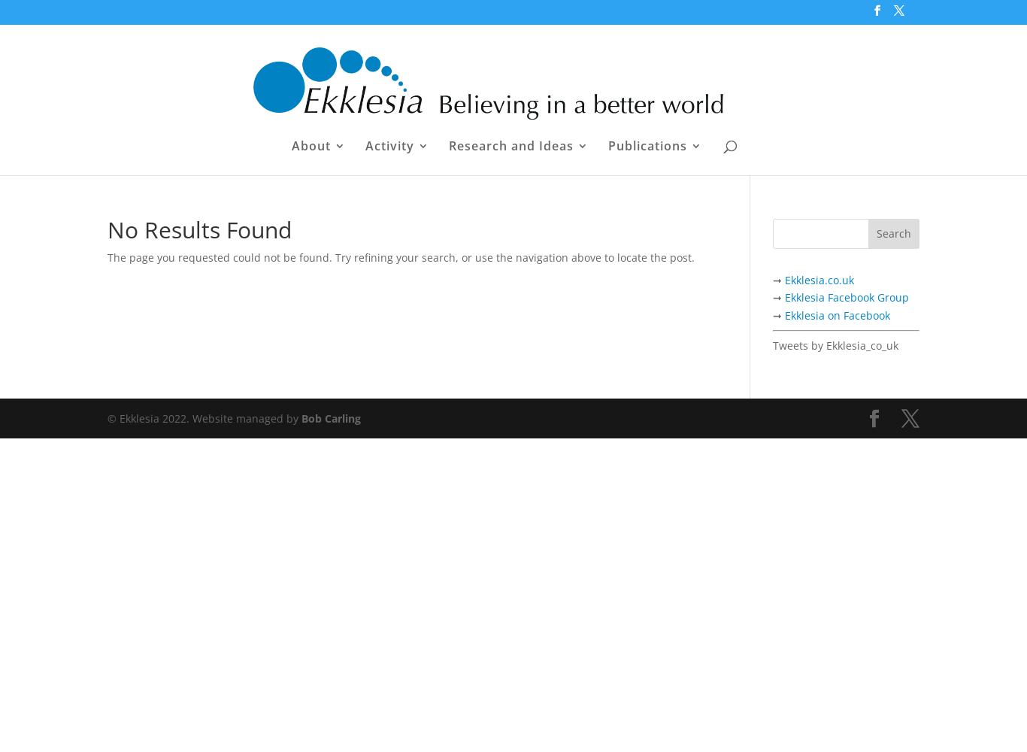 This screenshot has width=1027, height=752. Describe the element at coordinates (659, 236) in the screenshot. I see `'Papers'` at that location.